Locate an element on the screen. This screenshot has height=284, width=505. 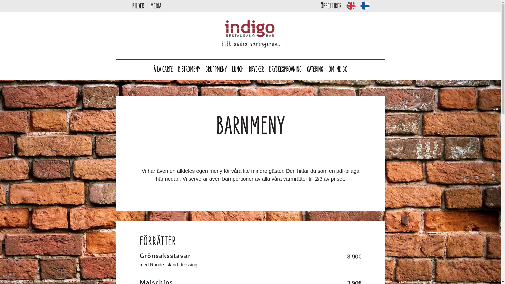
'LUNCH' is located at coordinates (237, 70).